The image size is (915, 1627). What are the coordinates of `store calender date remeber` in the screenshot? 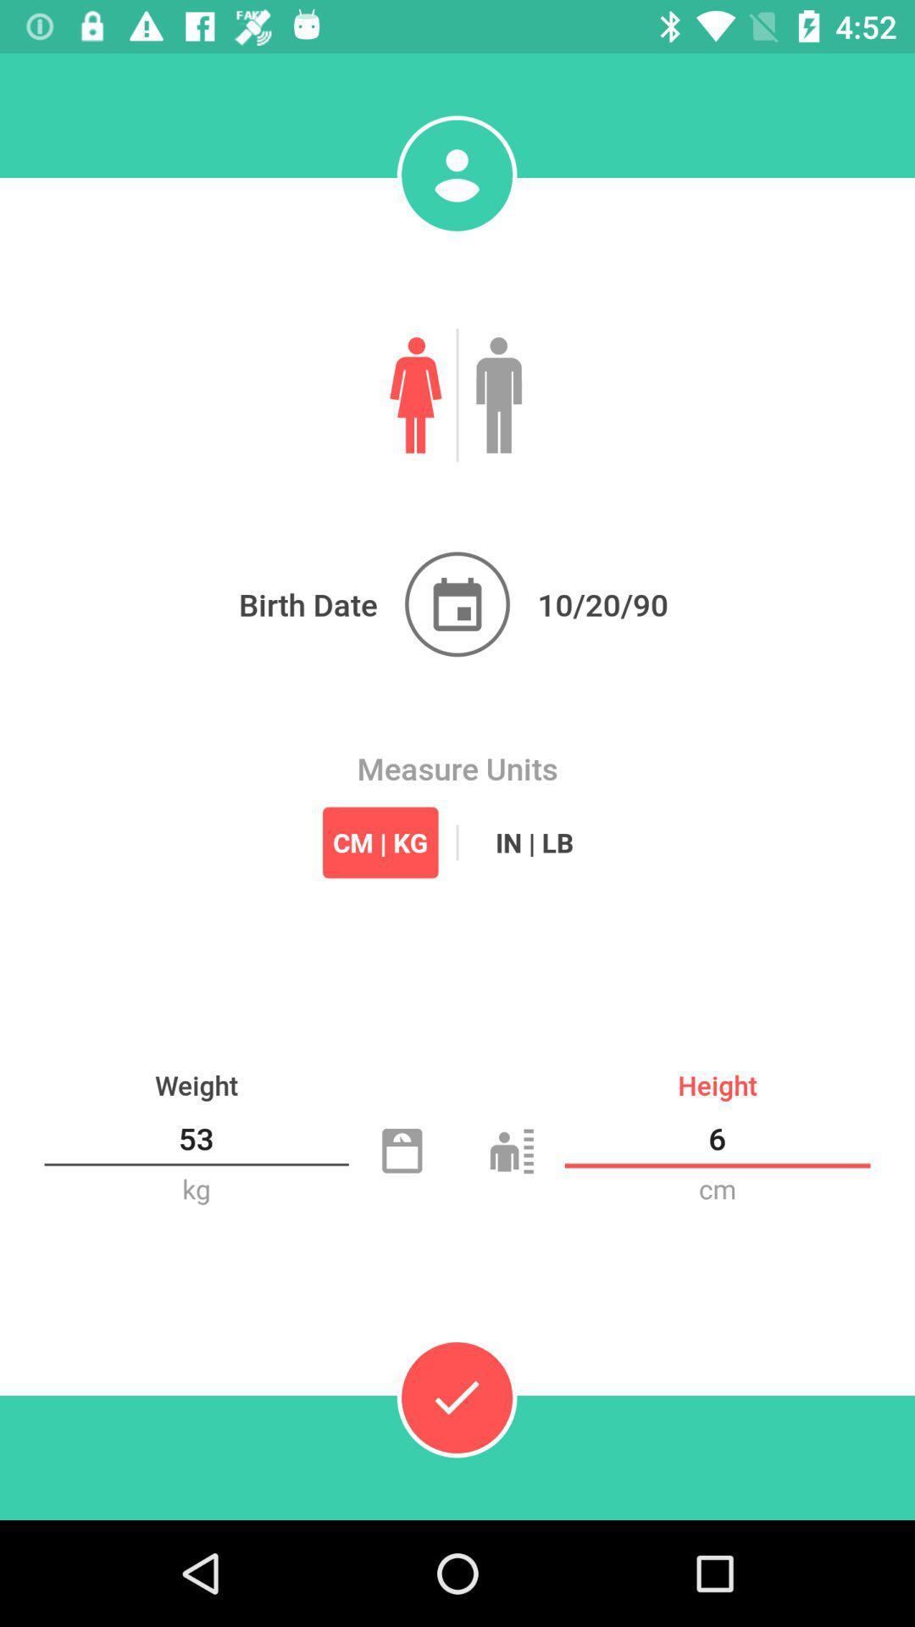 It's located at (457, 604).